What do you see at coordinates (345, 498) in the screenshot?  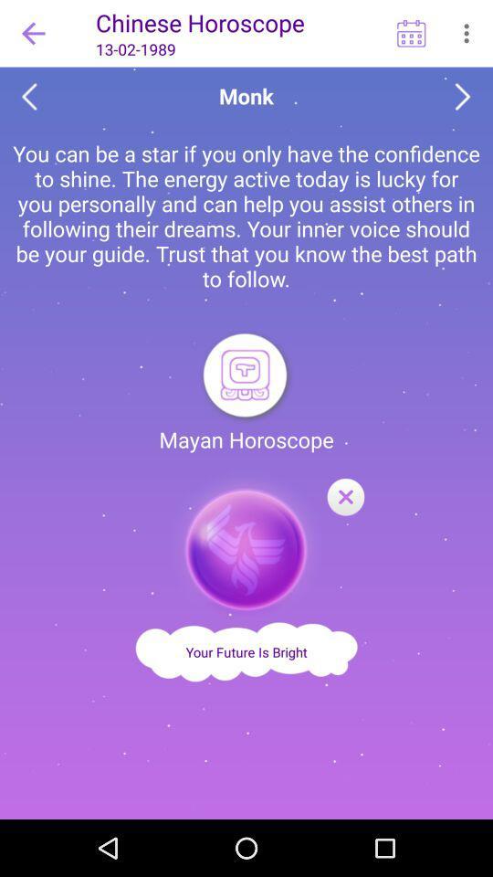 I see `the close icon` at bounding box center [345, 498].